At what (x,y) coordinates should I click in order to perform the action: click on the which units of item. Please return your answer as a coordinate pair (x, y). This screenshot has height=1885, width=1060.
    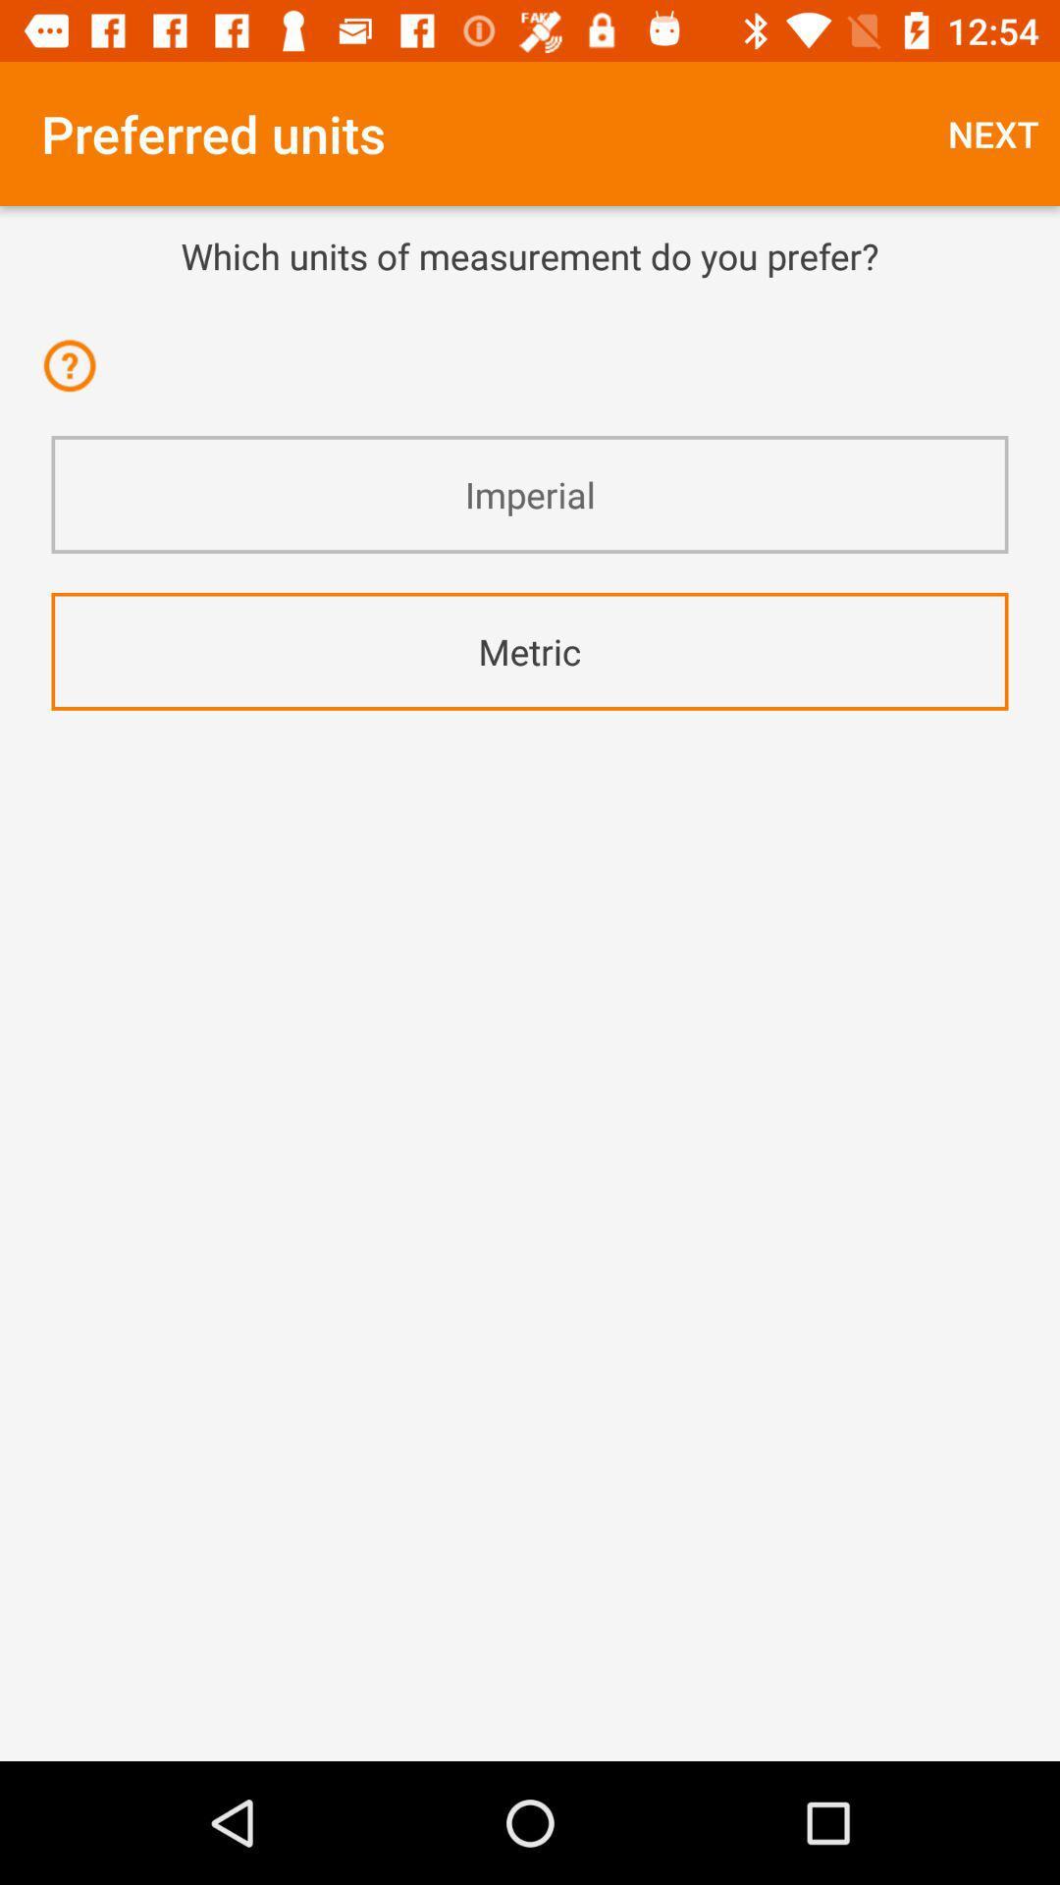
    Looking at the image, I should click on (530, 254).